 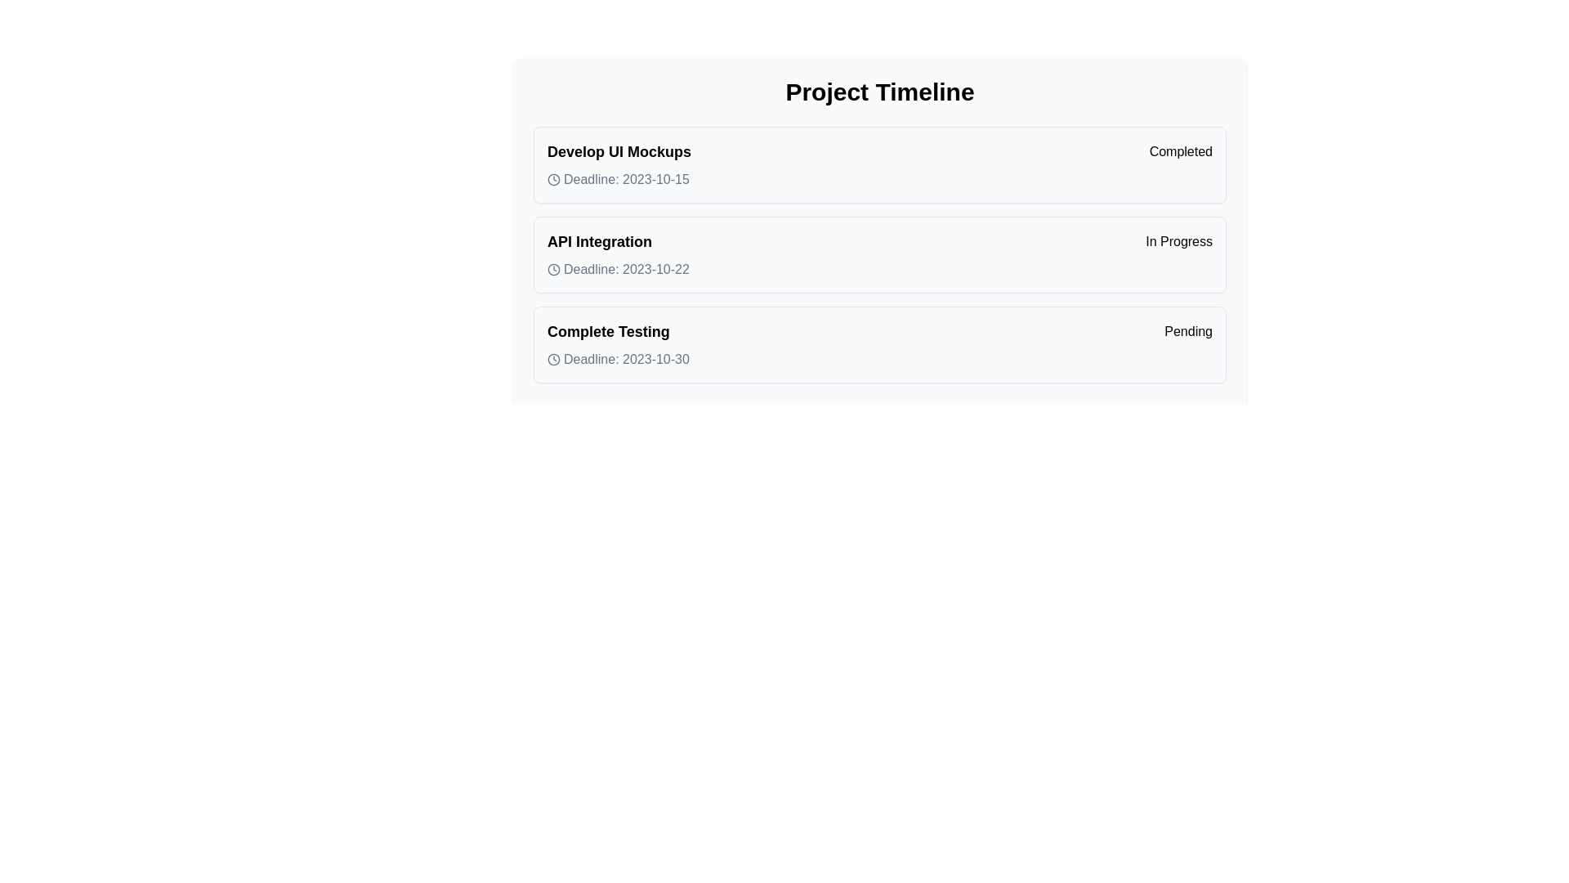 I want to click on the text label displaying 'Deadline: 2023-10-30' that is positioned to the right of a clock icon in the third task item labeled 'Complete Testing', so click(x=626, y=358).